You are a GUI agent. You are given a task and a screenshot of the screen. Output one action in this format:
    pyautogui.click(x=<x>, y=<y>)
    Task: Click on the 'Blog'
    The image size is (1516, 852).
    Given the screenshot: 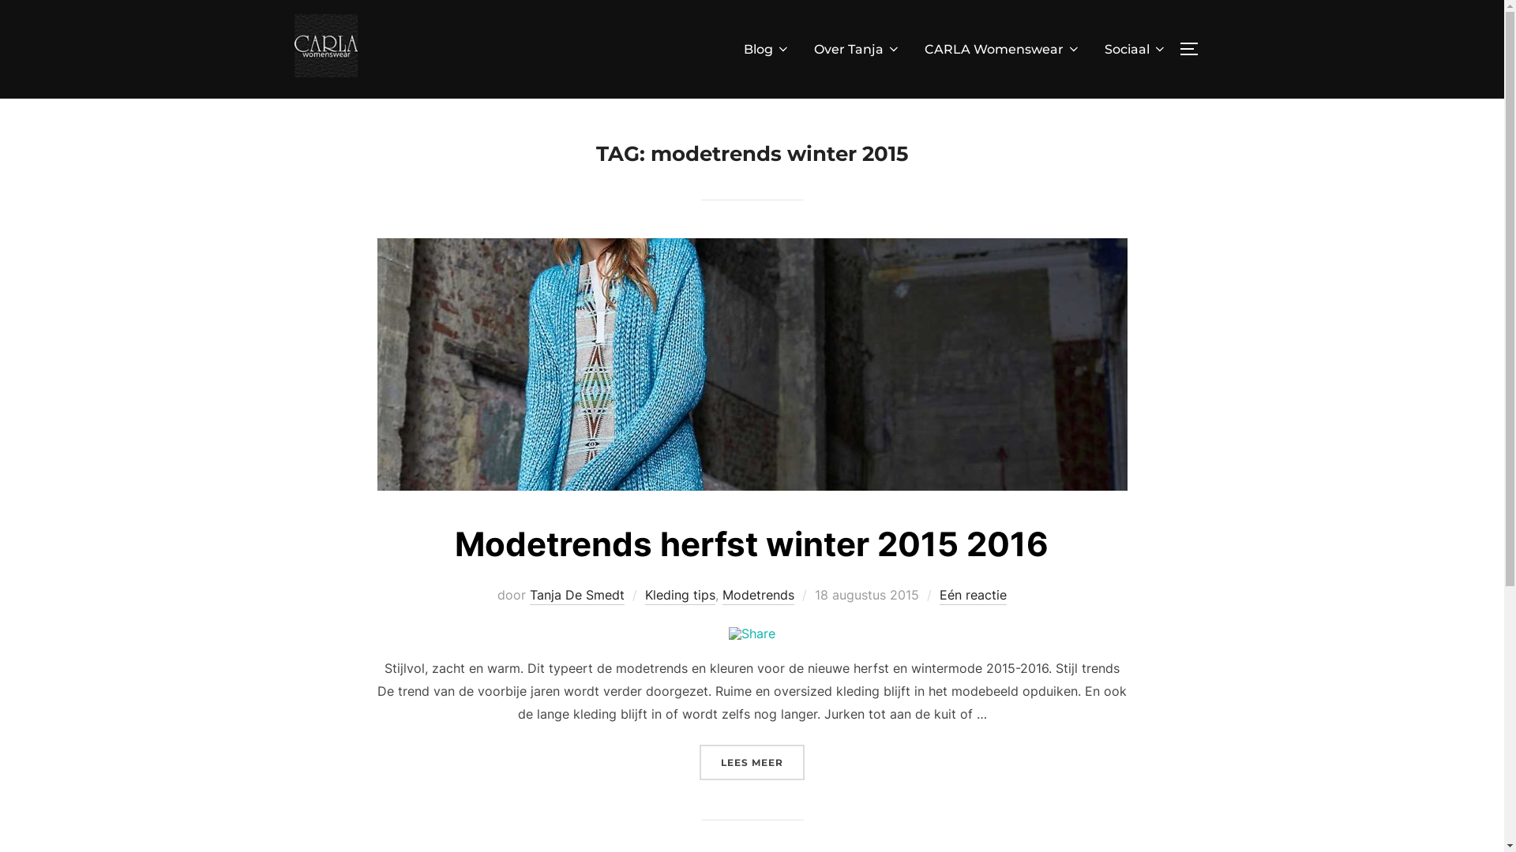 What is the action you would take?
    pyautogui.click(x=767, y=48)
    